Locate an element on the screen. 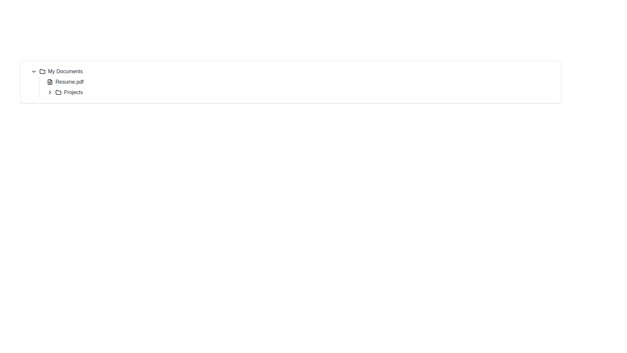  the right-facing chevron icon located to the left of the 'Projects' label is located at coordinates (50, 92).